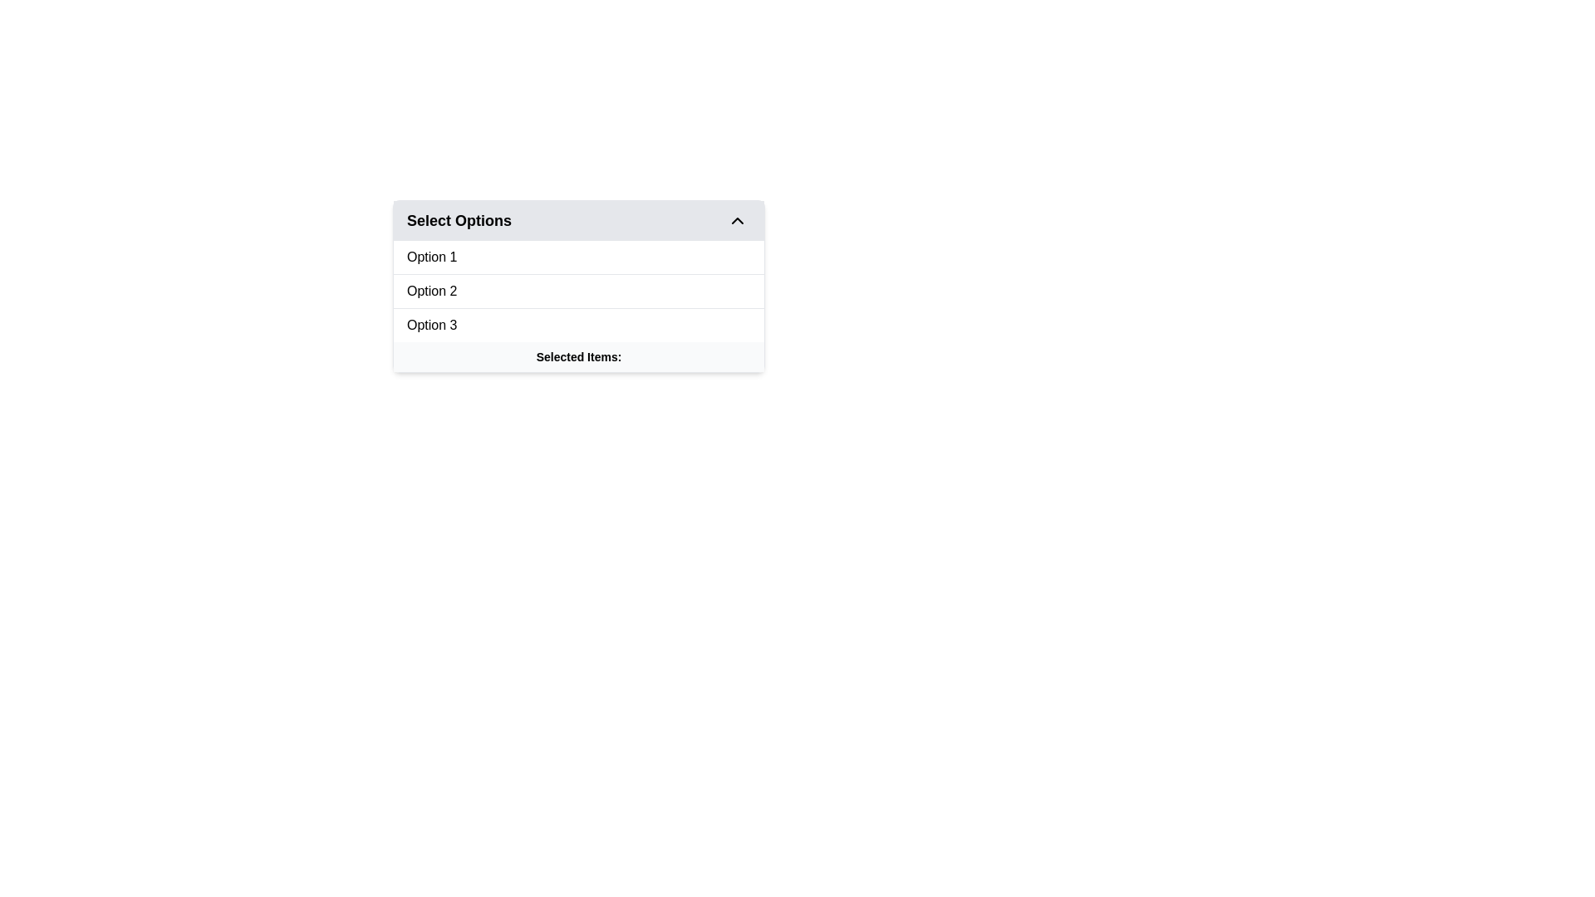  What do you see at coordinates (432, 326) in the screenshot?
I see `the text label displaying 'Option 3' in the dropdown menu` at bounding box center [432, 326].